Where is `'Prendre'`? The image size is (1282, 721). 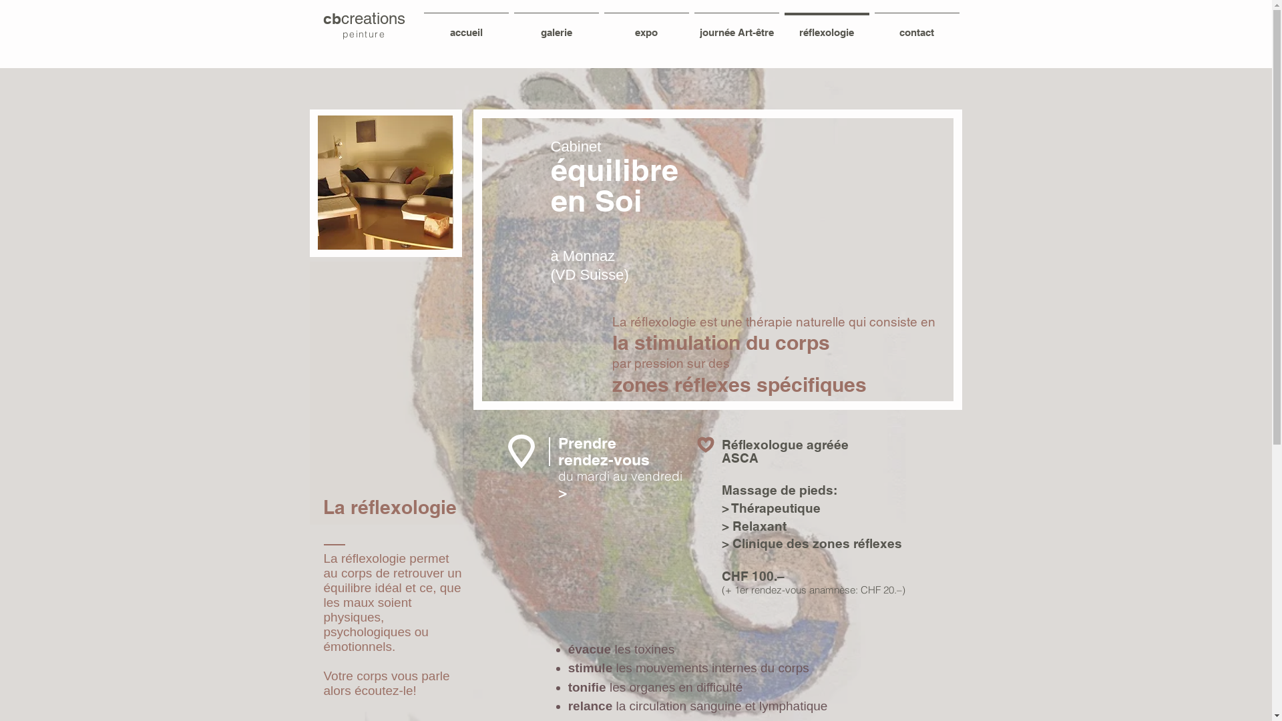
'Prendre' is located at coordinates (587, 443).